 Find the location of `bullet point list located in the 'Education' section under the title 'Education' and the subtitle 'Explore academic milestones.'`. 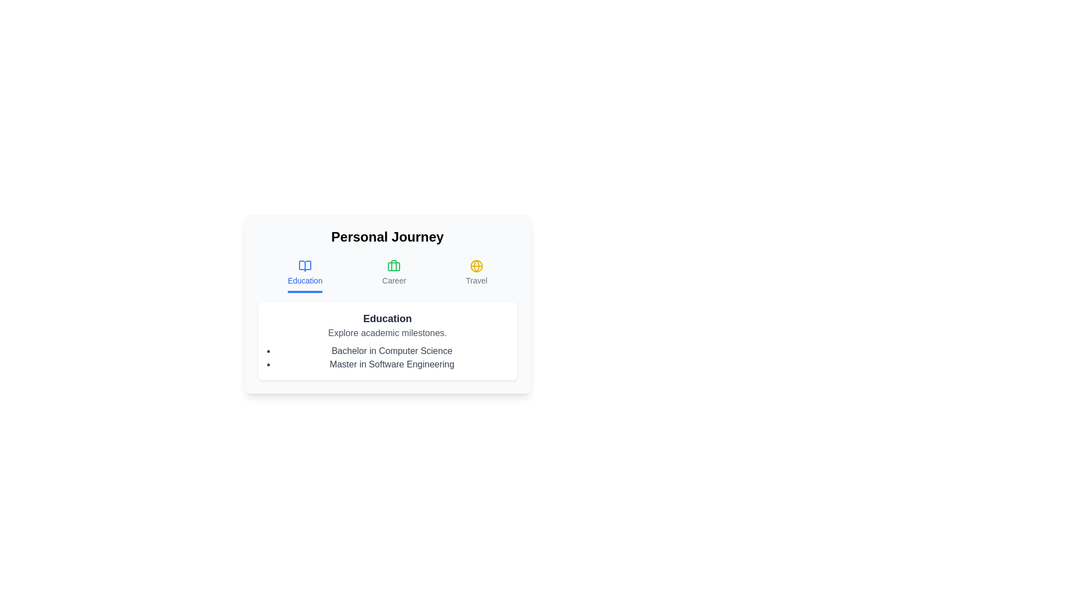

bullet point list located in the 'Education' section under the title 'Education' and the subtitle 'Explore academic milestones.' is located at coordinates (387, 358).